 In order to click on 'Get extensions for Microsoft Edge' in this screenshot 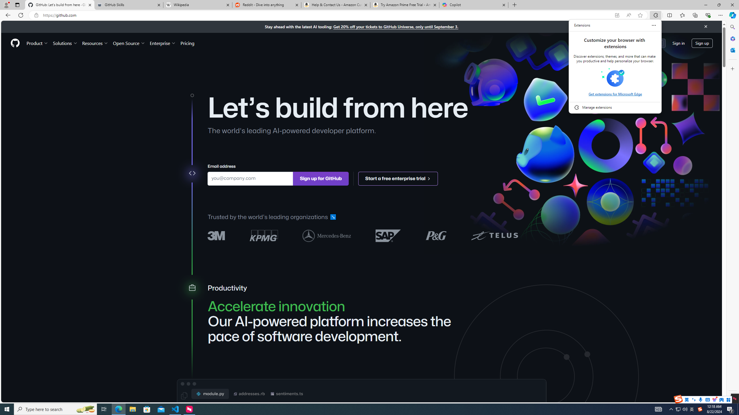, I will do `click(615, 94)`.